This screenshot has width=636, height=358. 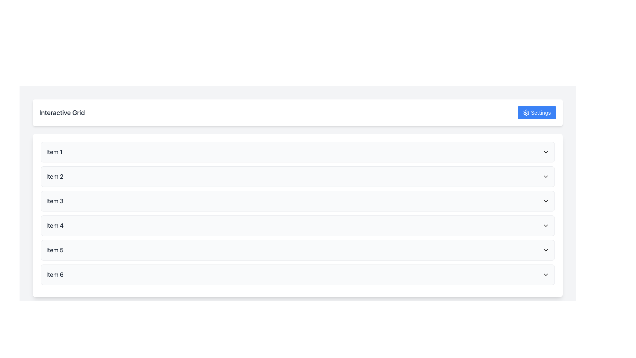 I want to click on the text label displaying 'Item 2', which is the second item in a vertically aligned list and is visually distinct with bold and large font, so click(x=55, y=176).